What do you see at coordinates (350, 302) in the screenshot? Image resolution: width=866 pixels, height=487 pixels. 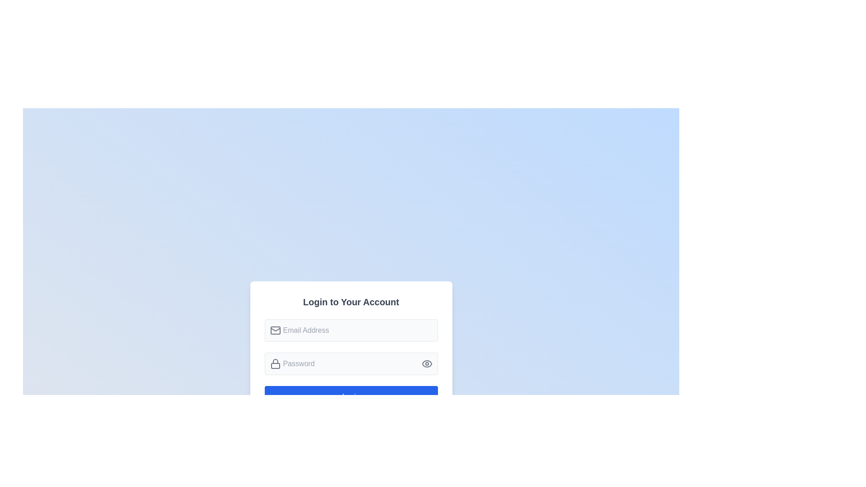 I see `text from the label that serves as the title for the login form, positioned above the email input field in the centered white card` at bounding box center [350, 302].